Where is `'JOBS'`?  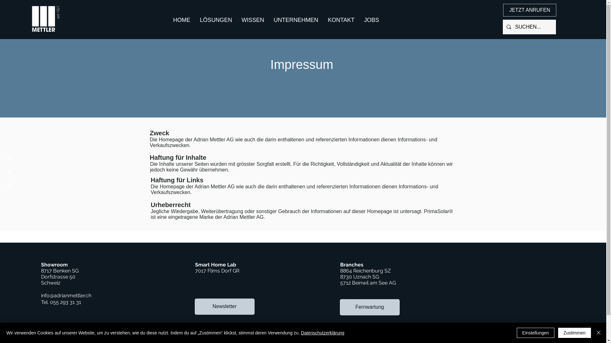
'JOBS' is located at coordinates (371, 19).